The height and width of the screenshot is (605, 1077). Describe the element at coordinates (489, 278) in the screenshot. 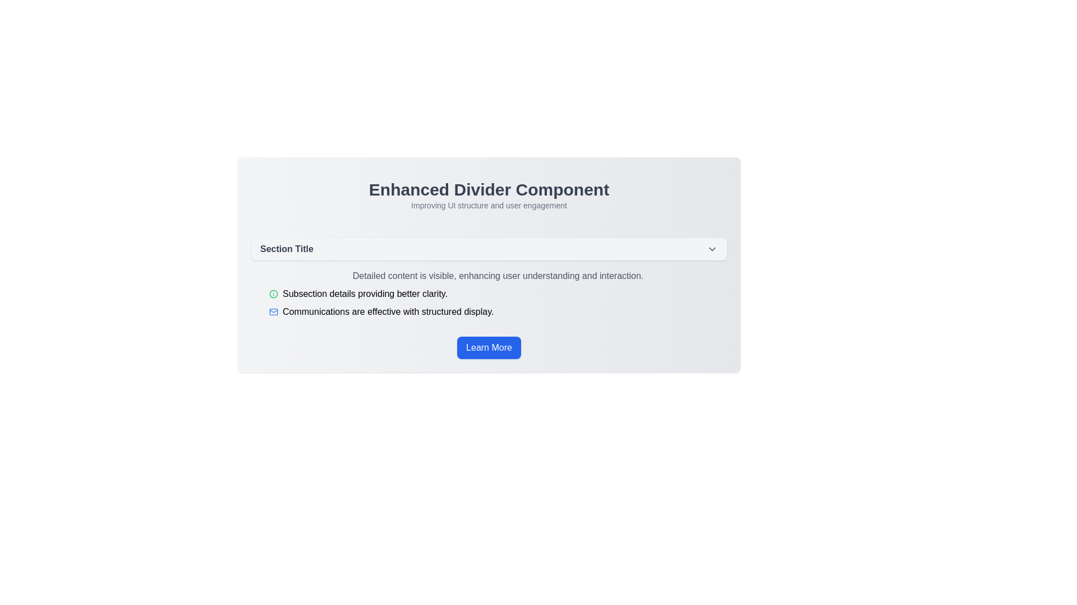

I see `detailed content of the collapsible section located below the 'Enhanced Divider Component' header and above the 'Learn More' button` at that location.